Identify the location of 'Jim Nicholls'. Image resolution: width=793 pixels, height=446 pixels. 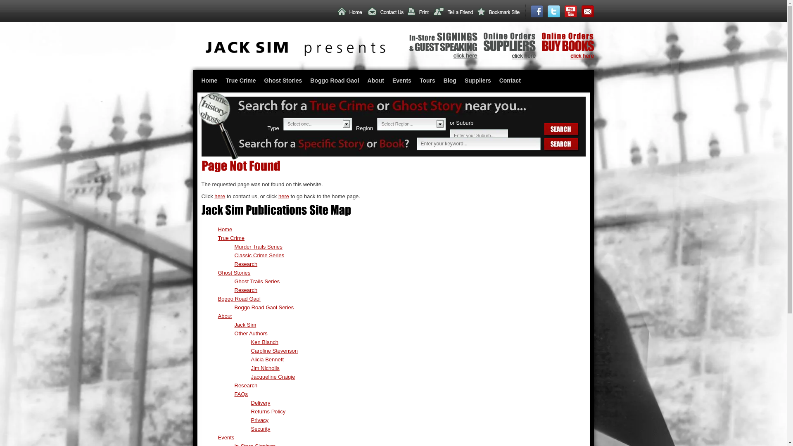
(265, 368).